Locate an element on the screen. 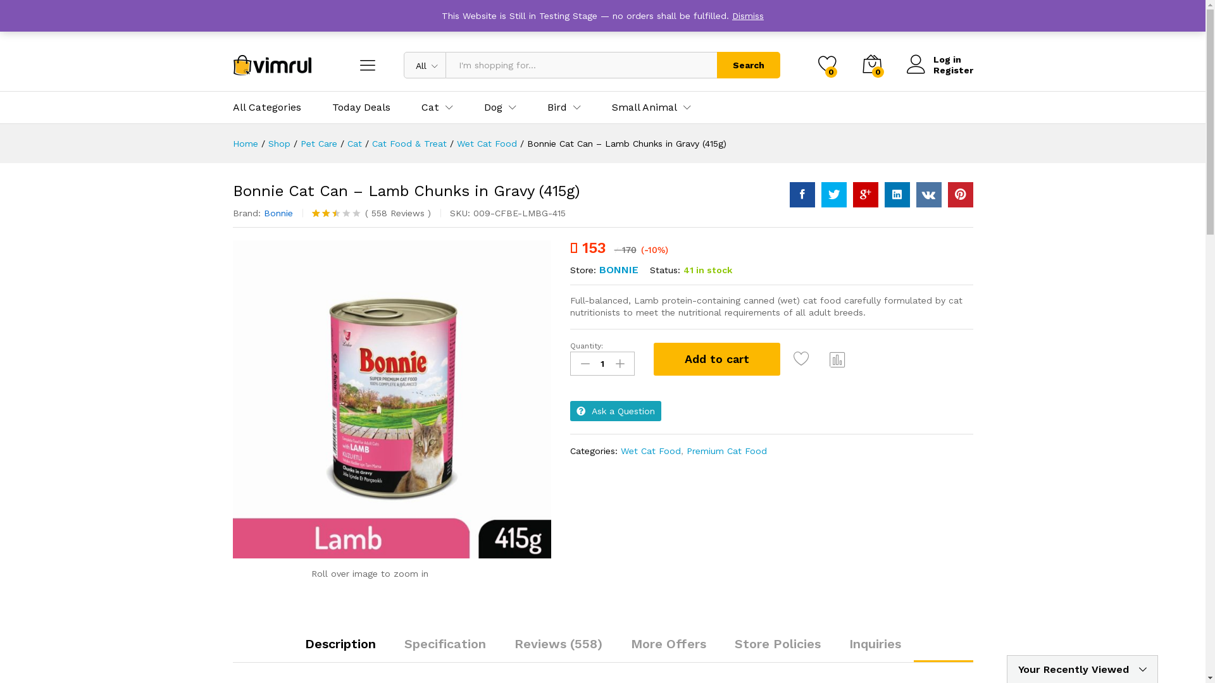 The image size is (1215, 683). 'Home' is located at coordinates (246, 143).